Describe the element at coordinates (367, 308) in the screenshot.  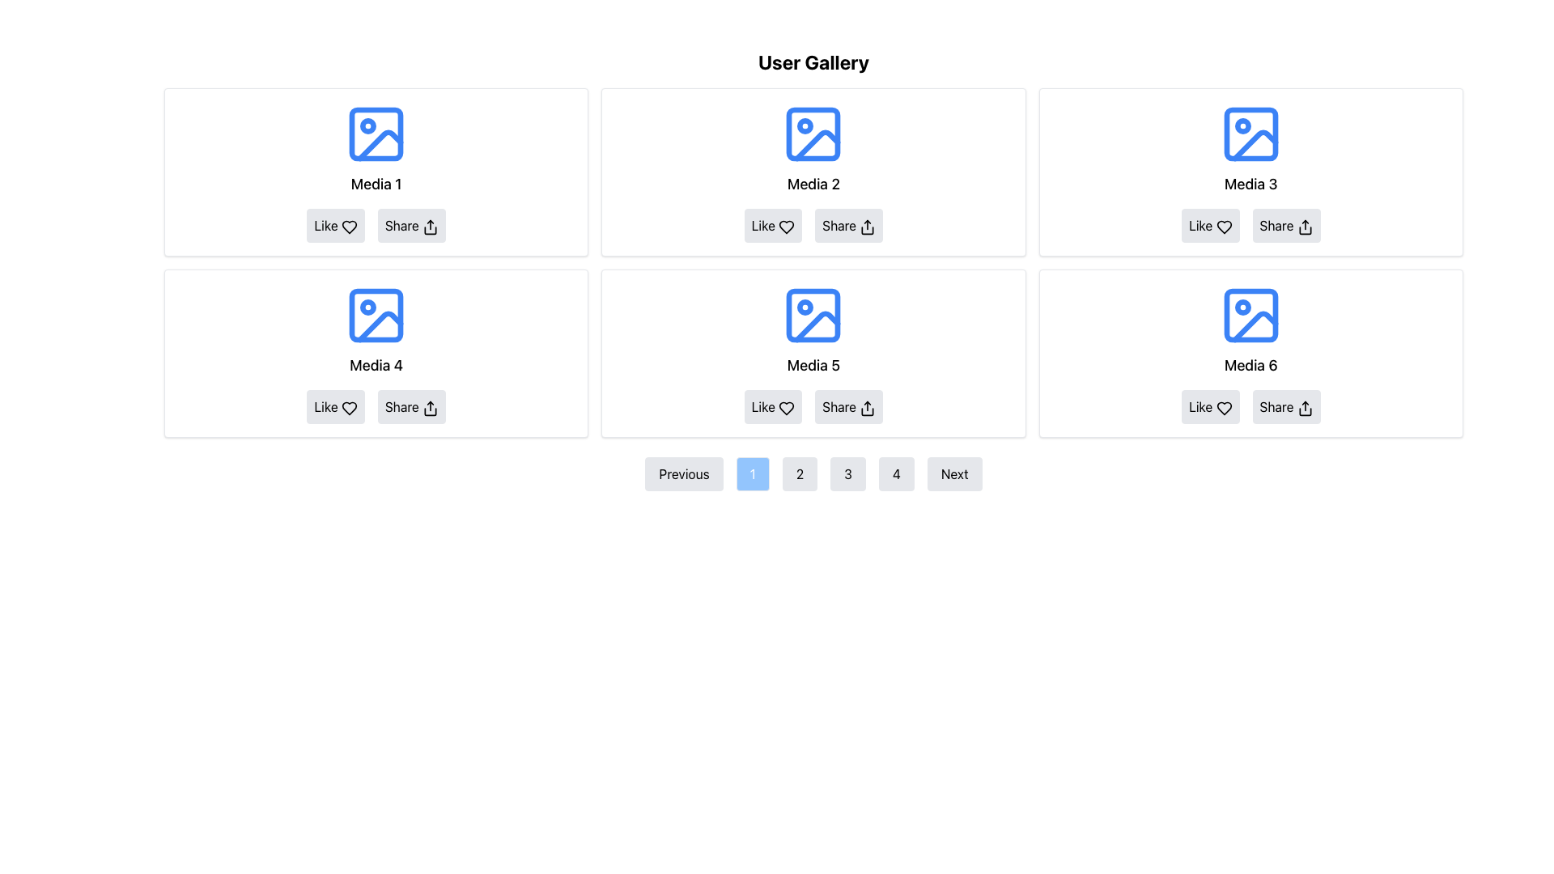
I see `the second Circle decoration element within the SVG graphic located in the 'Media 4' content block` at that location.